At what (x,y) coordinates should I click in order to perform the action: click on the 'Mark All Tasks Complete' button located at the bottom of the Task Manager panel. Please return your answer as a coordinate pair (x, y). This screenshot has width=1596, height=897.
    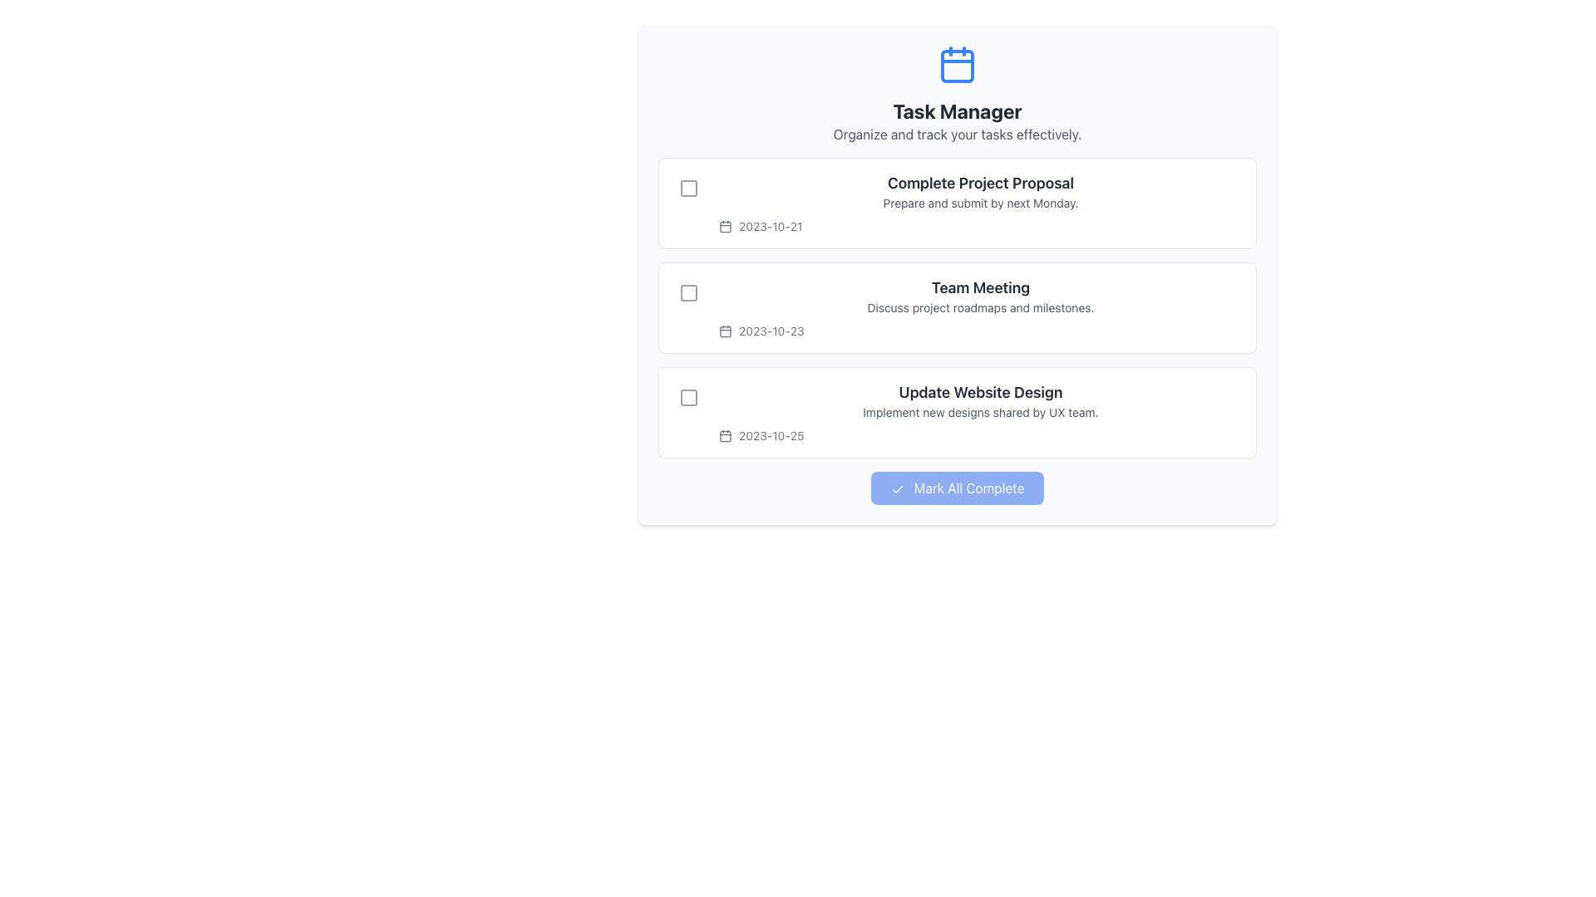
    Looking at the image, I should click on (958, 487).